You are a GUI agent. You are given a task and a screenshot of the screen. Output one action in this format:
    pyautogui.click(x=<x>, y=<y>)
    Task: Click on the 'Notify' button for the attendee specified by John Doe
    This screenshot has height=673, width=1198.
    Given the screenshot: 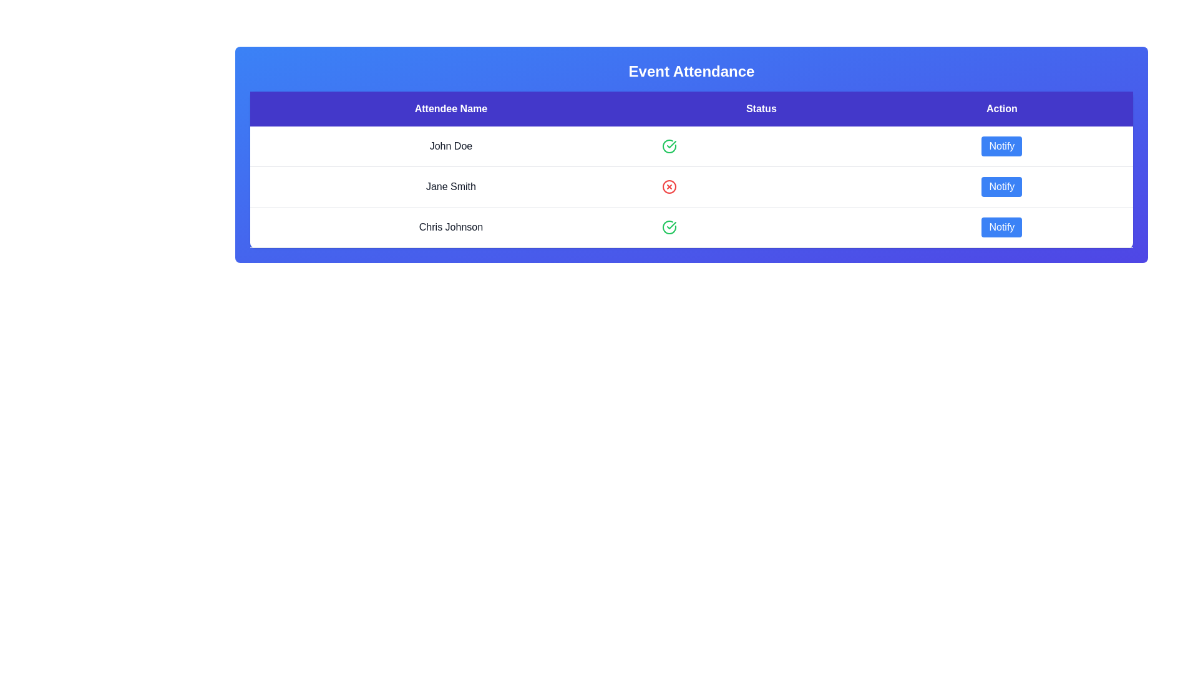 What is the action you would take?
    pyautogui.click(x=1001, y=146)
    